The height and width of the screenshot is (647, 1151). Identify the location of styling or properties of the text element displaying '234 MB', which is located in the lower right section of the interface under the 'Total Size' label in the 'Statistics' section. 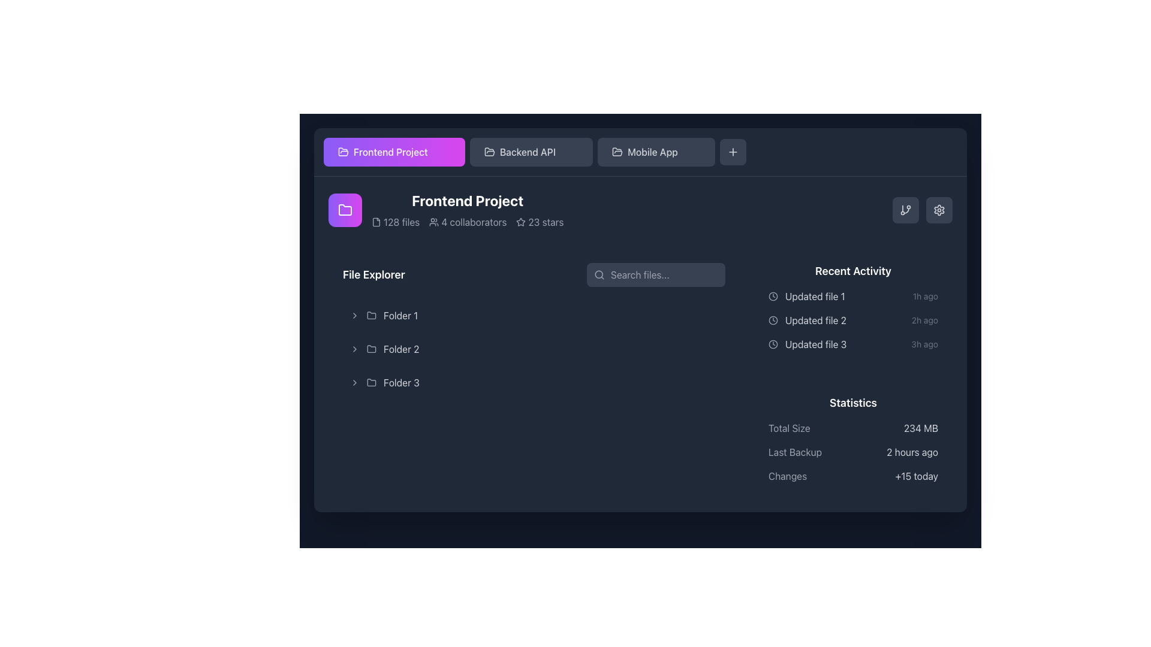
(920, 427).